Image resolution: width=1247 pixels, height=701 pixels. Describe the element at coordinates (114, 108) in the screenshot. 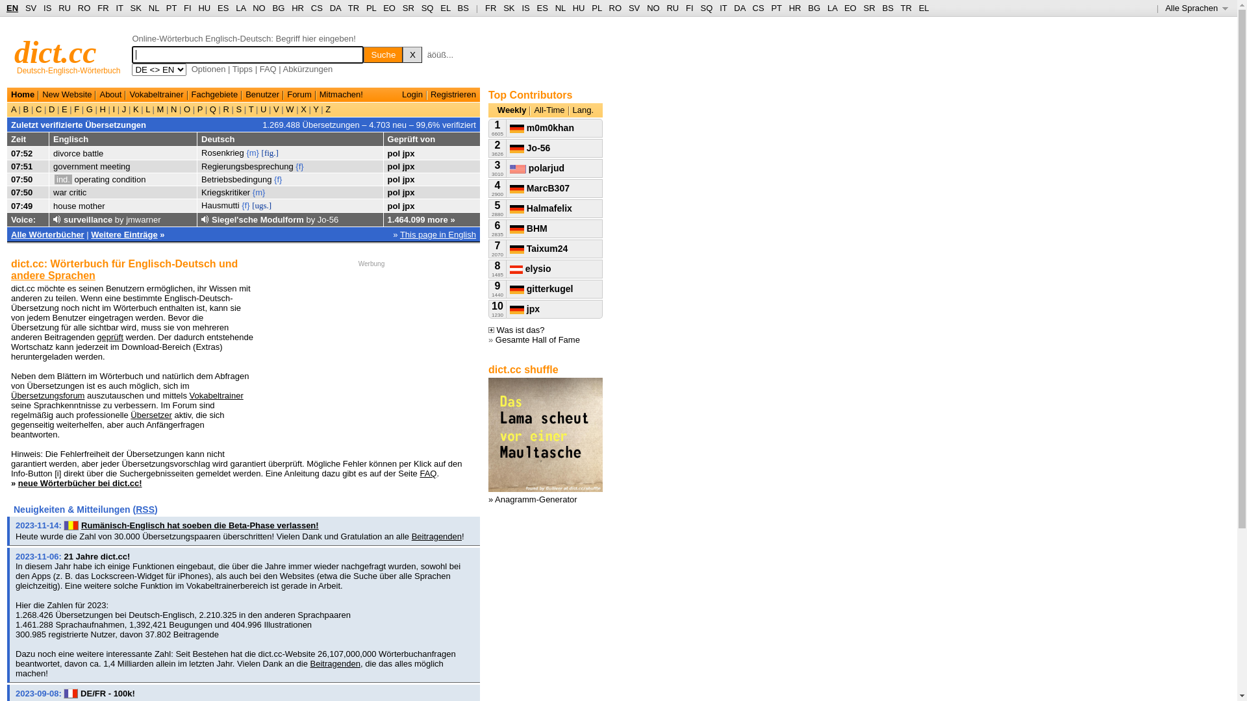

I see `'I'` at that location.